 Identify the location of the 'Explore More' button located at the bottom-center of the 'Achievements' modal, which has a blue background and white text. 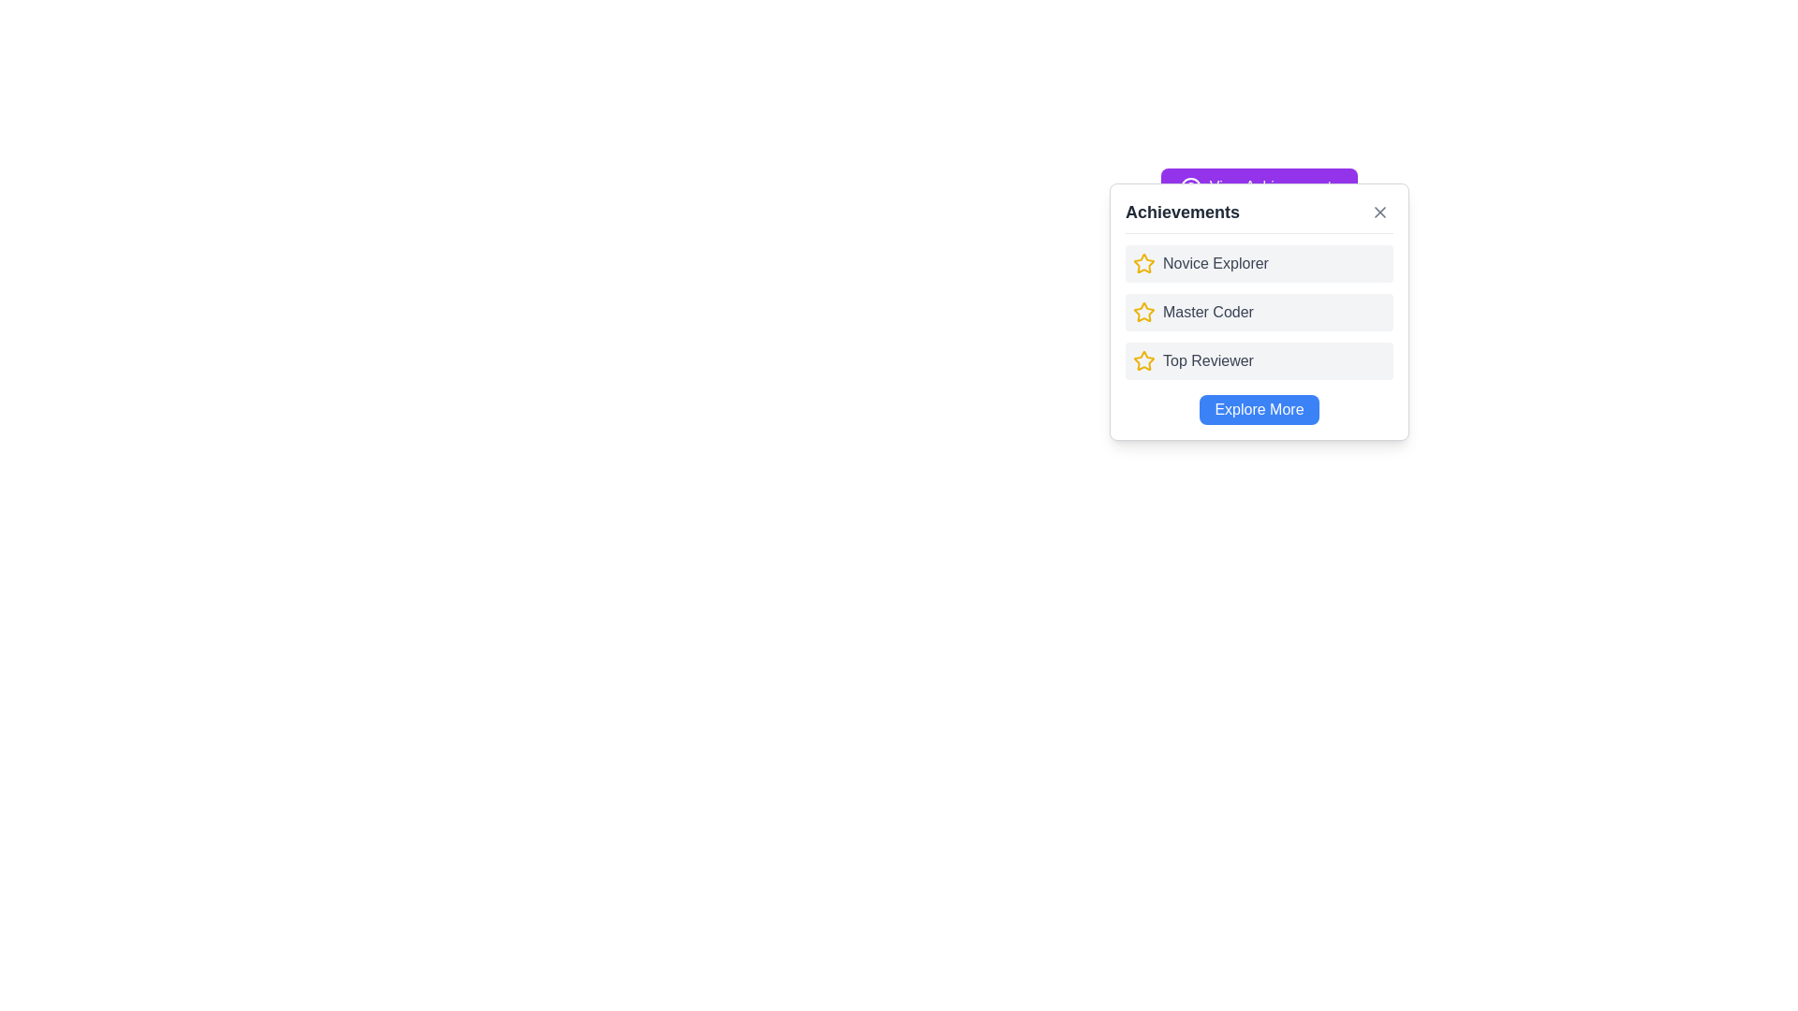
(1259, 409).